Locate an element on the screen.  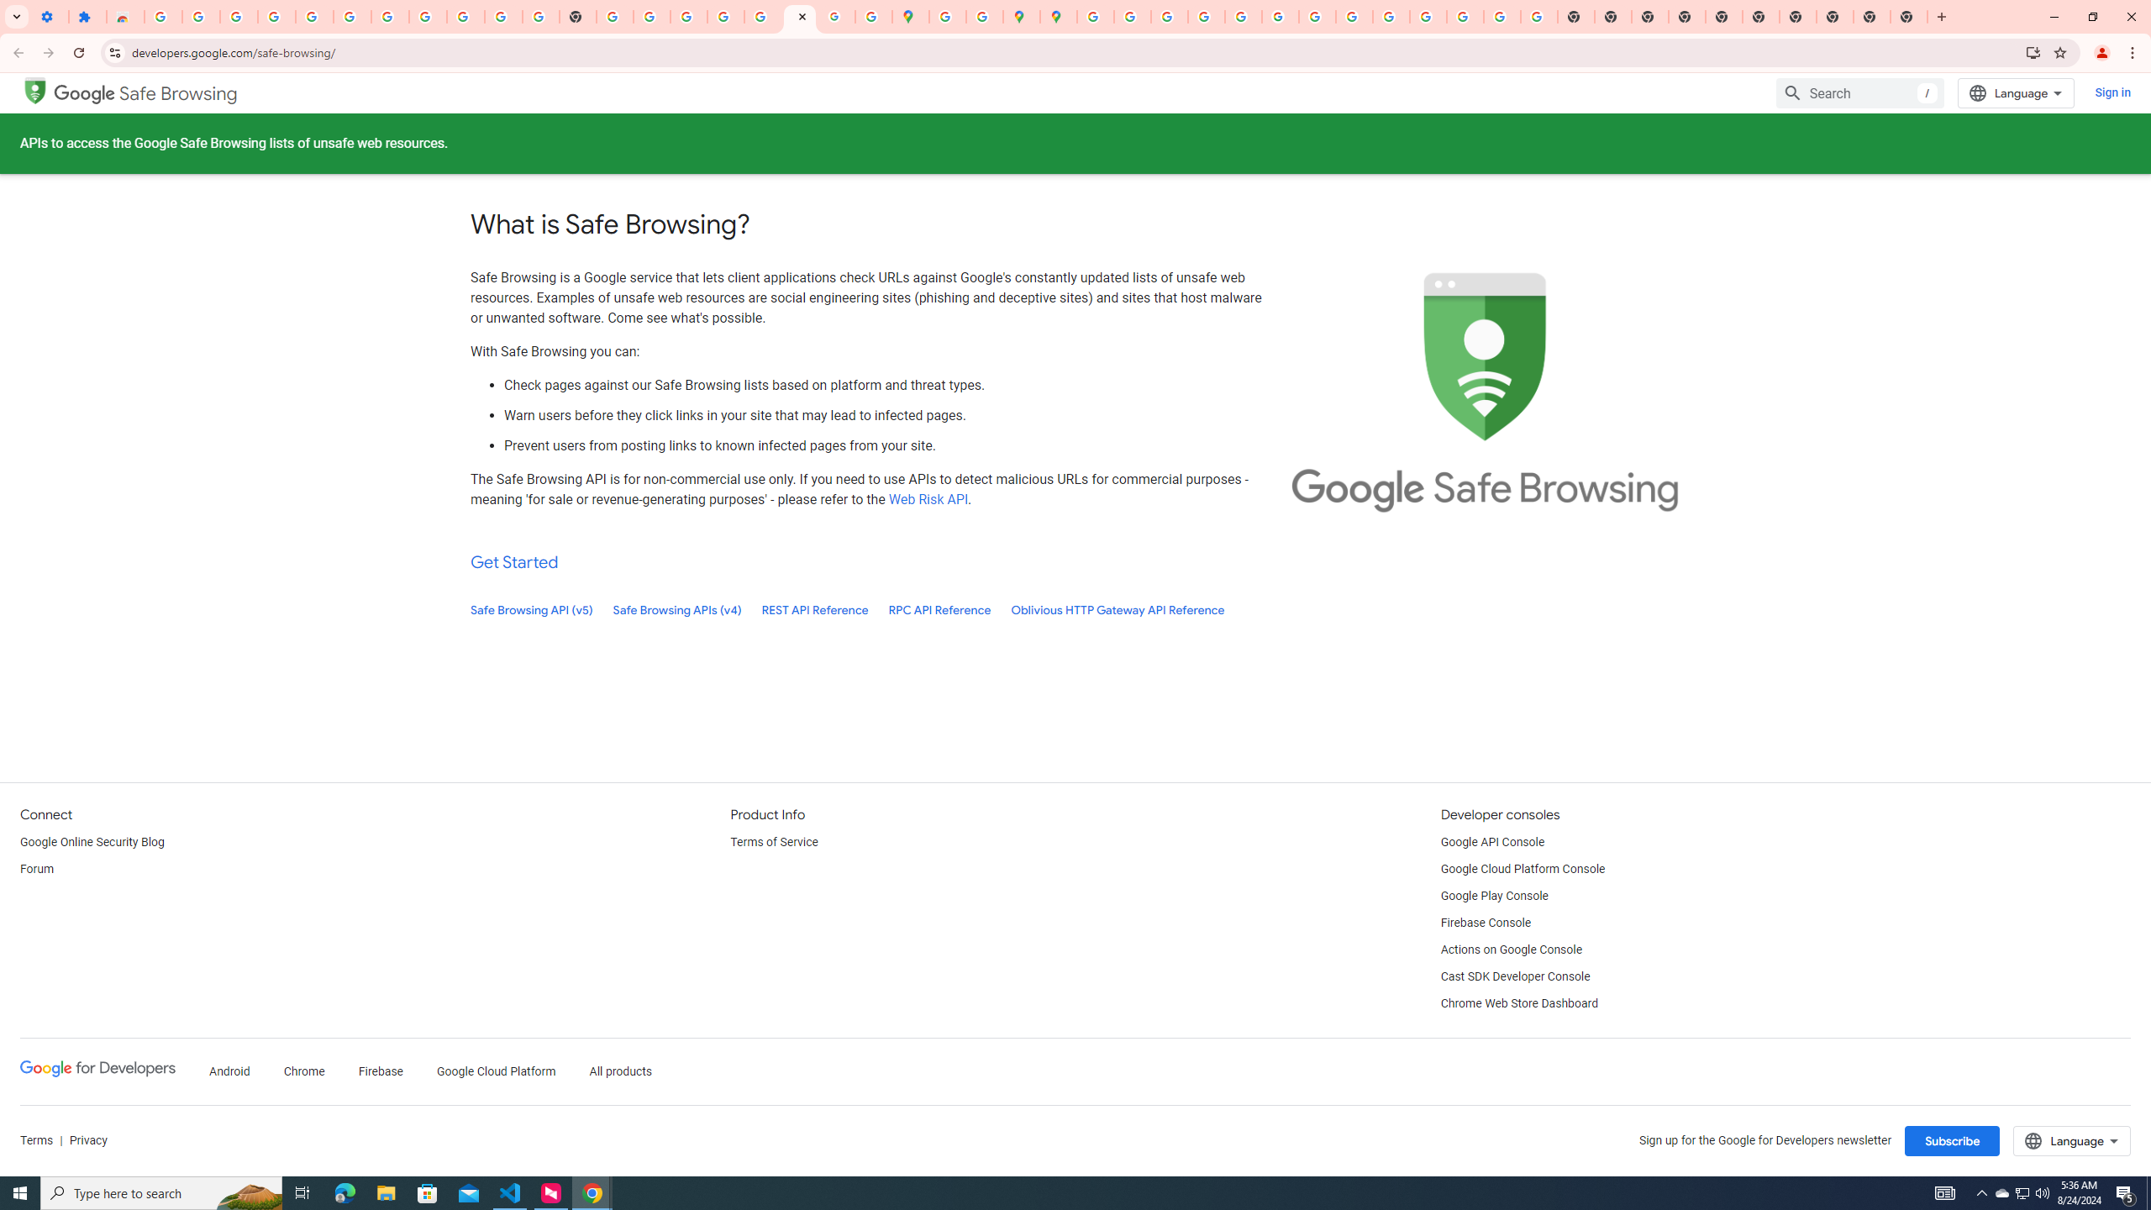
'New Tab' is located at coordinates (1908, 16).